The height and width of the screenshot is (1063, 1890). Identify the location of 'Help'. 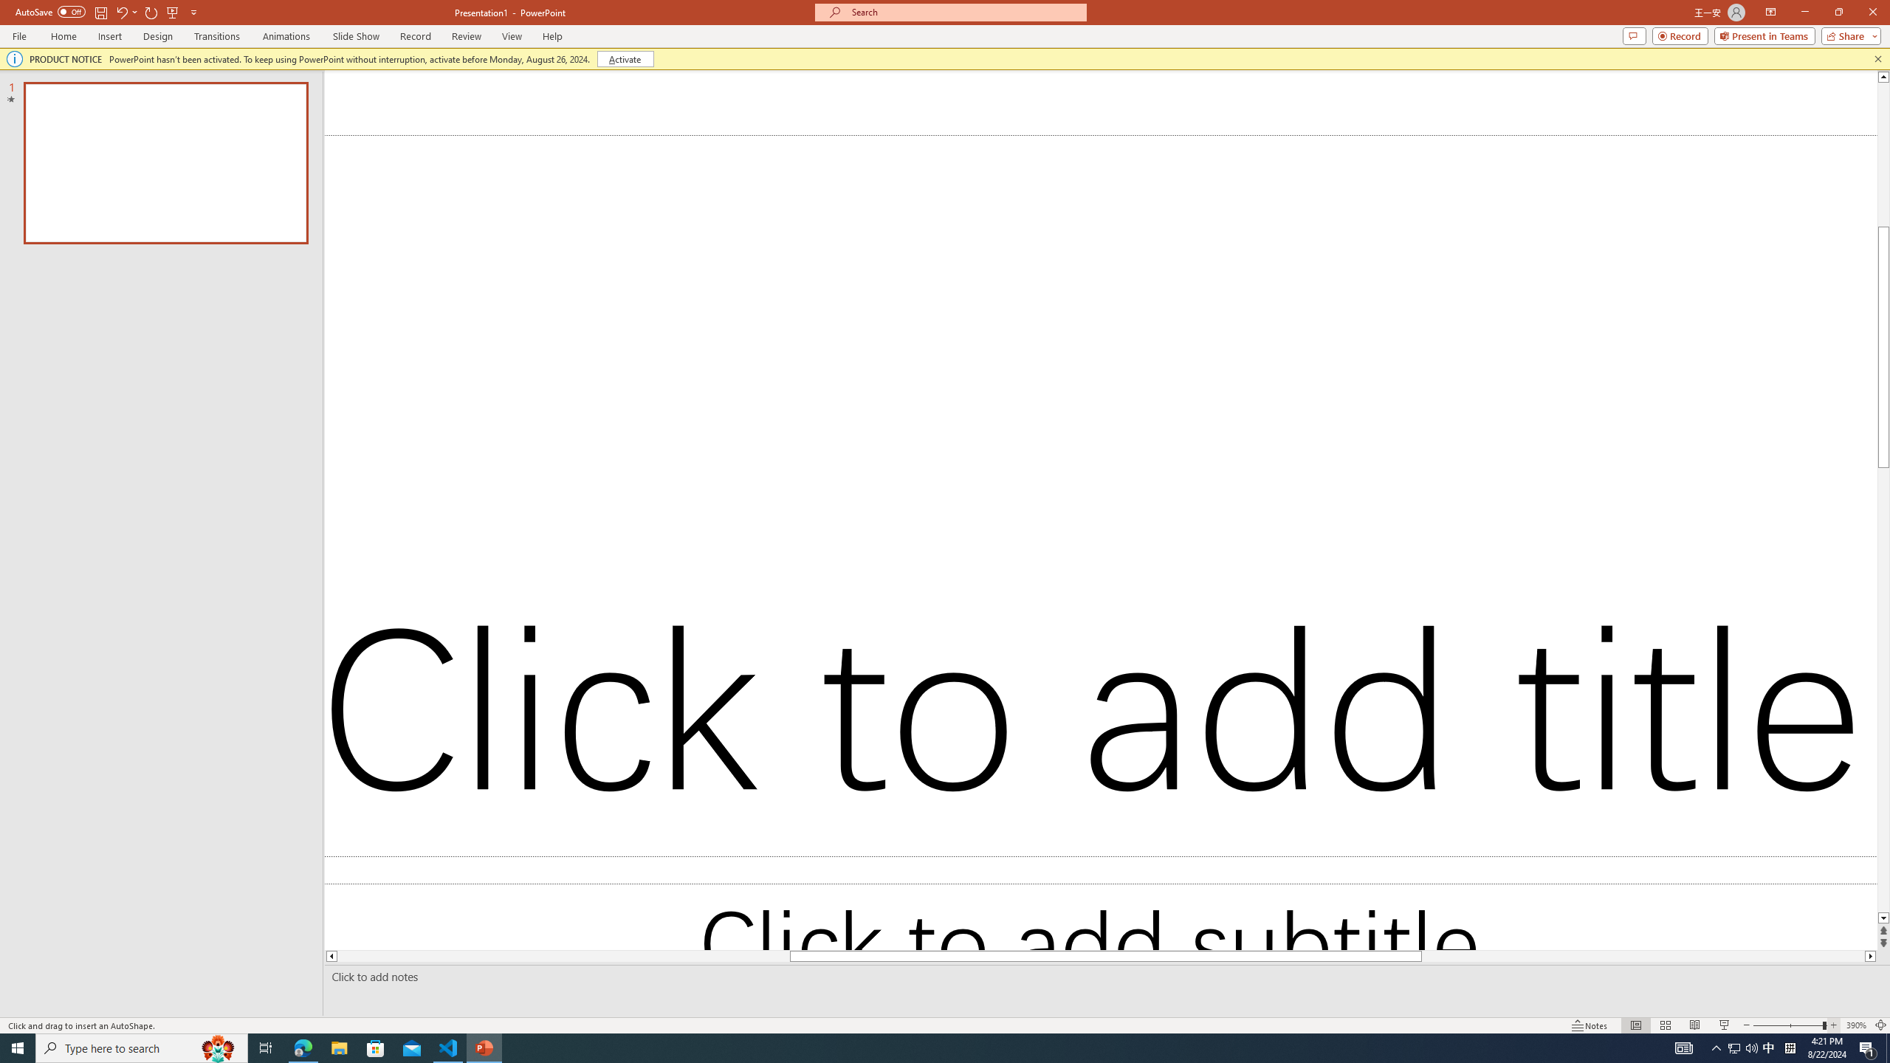
(551, 36).